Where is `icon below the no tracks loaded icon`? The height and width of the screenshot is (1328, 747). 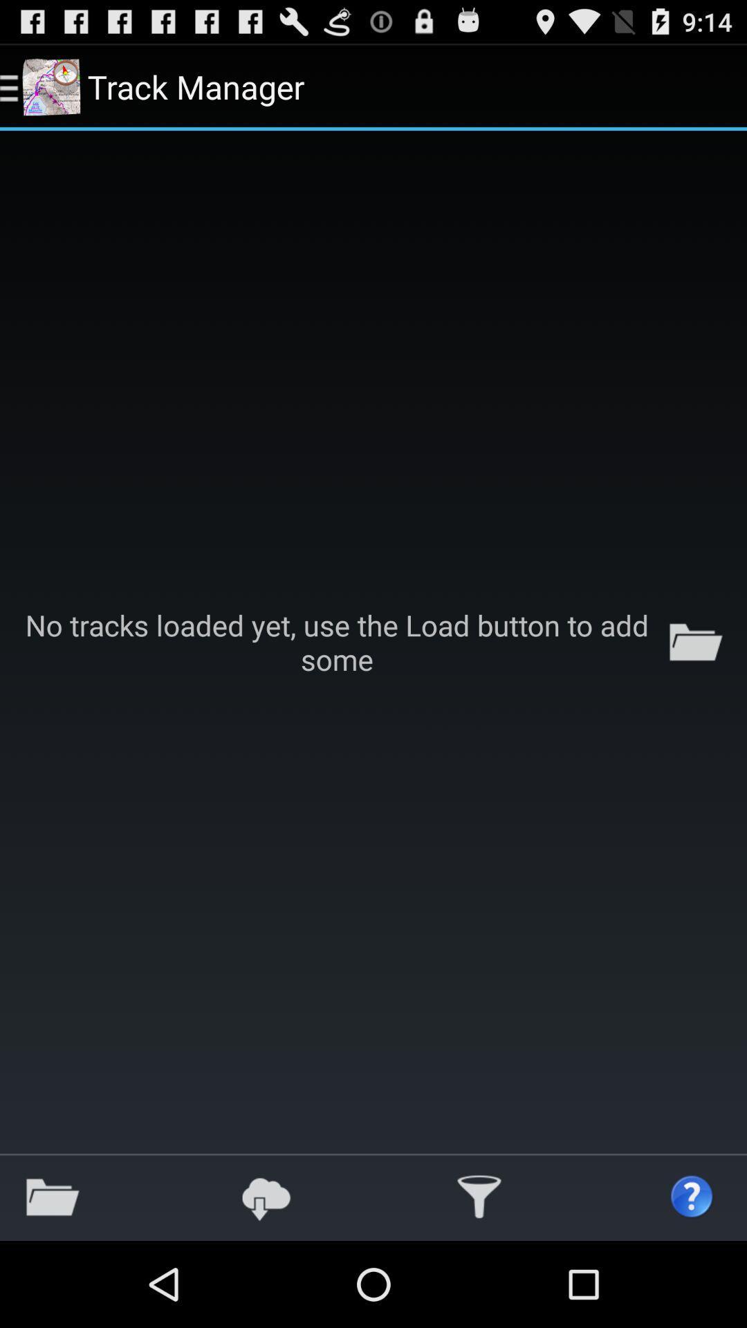
icon below the no tracks loaded icon is located at coordinates (479, 1197).